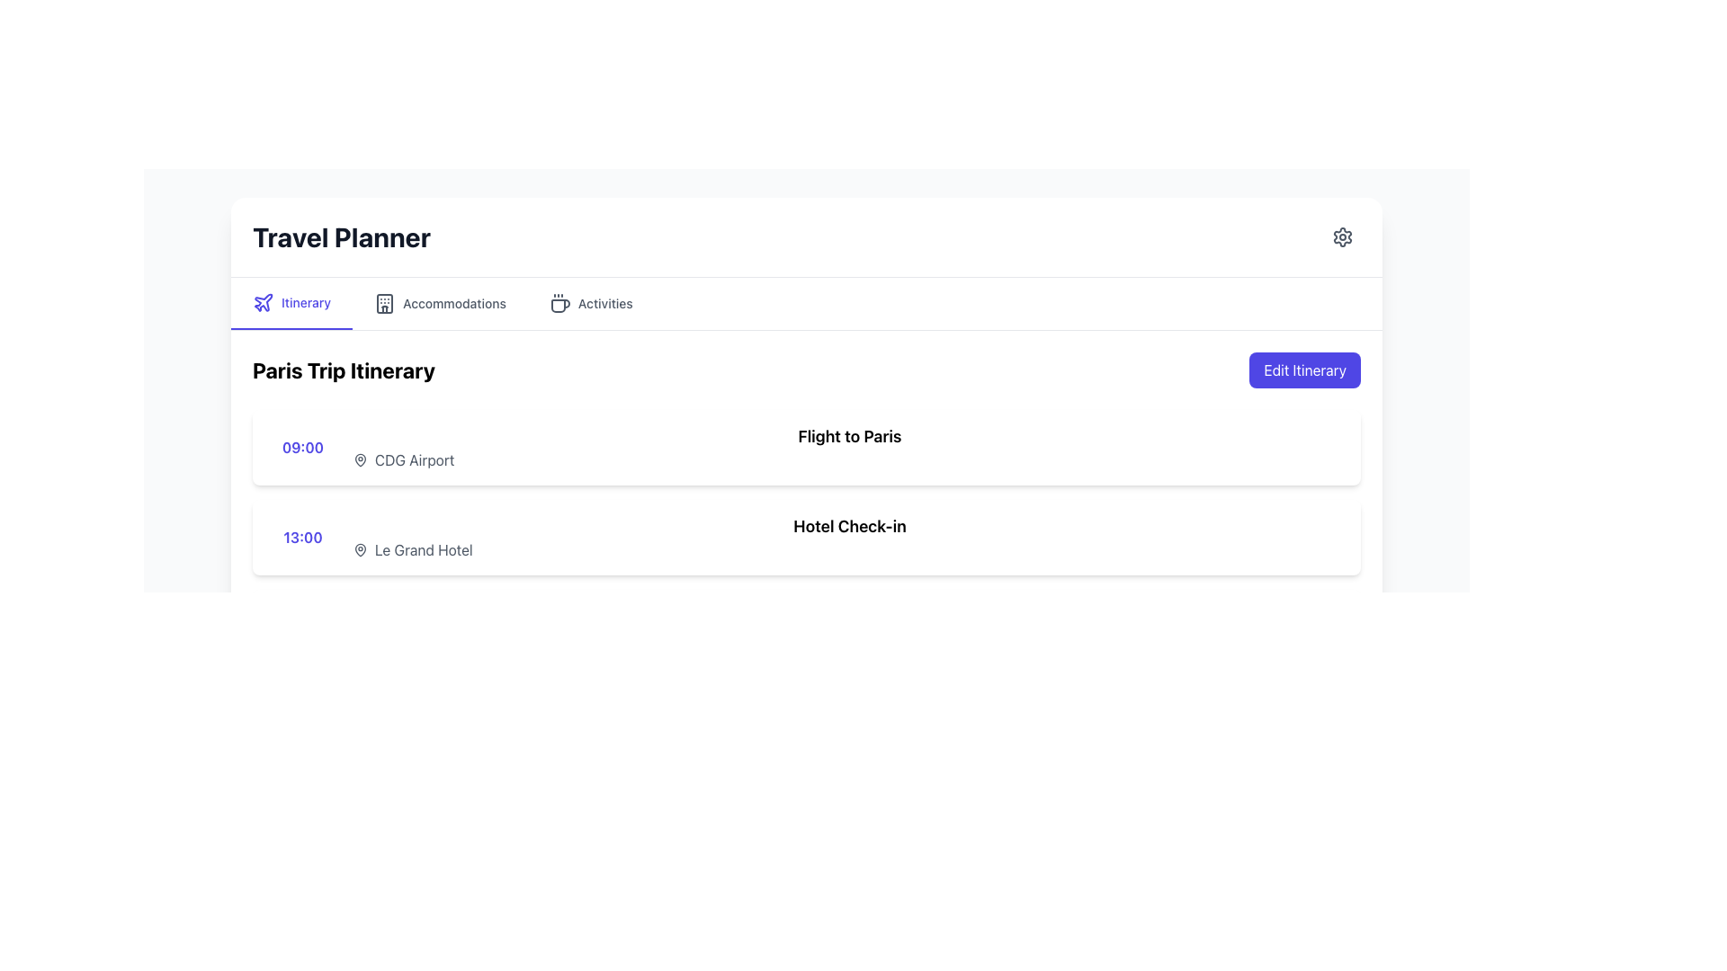 This screenshot has width=1727, height=971. What do you see at coordinates (1305, 370) in the screenshot?
I see `the button located at the top right corner of the 'Paris Trip Itinerary' section` at bounding box center [1305, 370].